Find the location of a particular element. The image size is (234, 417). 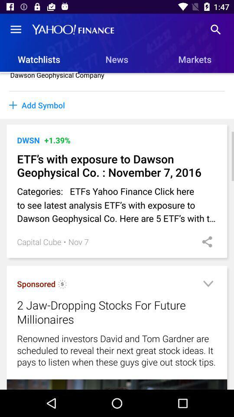

the categories etfs yahoo is located at coordinates (117, 205).